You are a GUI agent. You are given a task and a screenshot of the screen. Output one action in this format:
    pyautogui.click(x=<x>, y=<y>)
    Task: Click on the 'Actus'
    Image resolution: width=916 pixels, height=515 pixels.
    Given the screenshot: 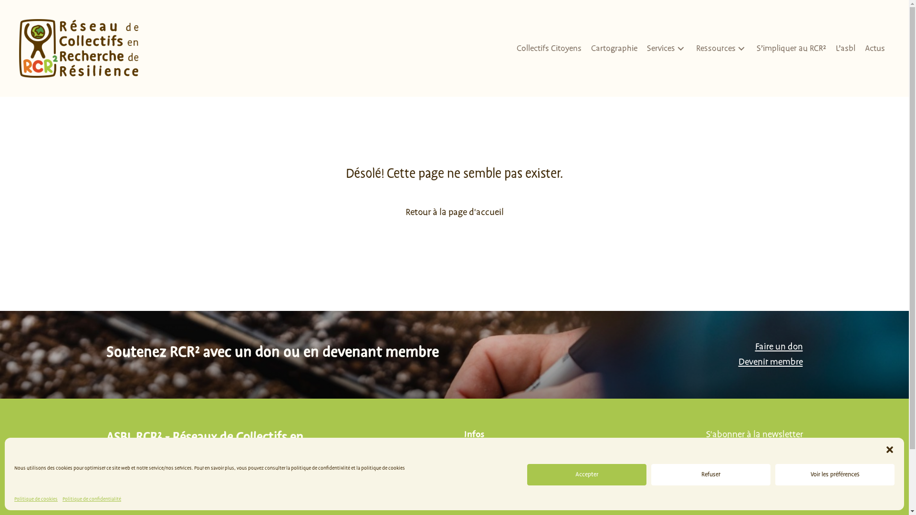 What is the action you would take?
    pyautogui.click(x=874, y=48)
    